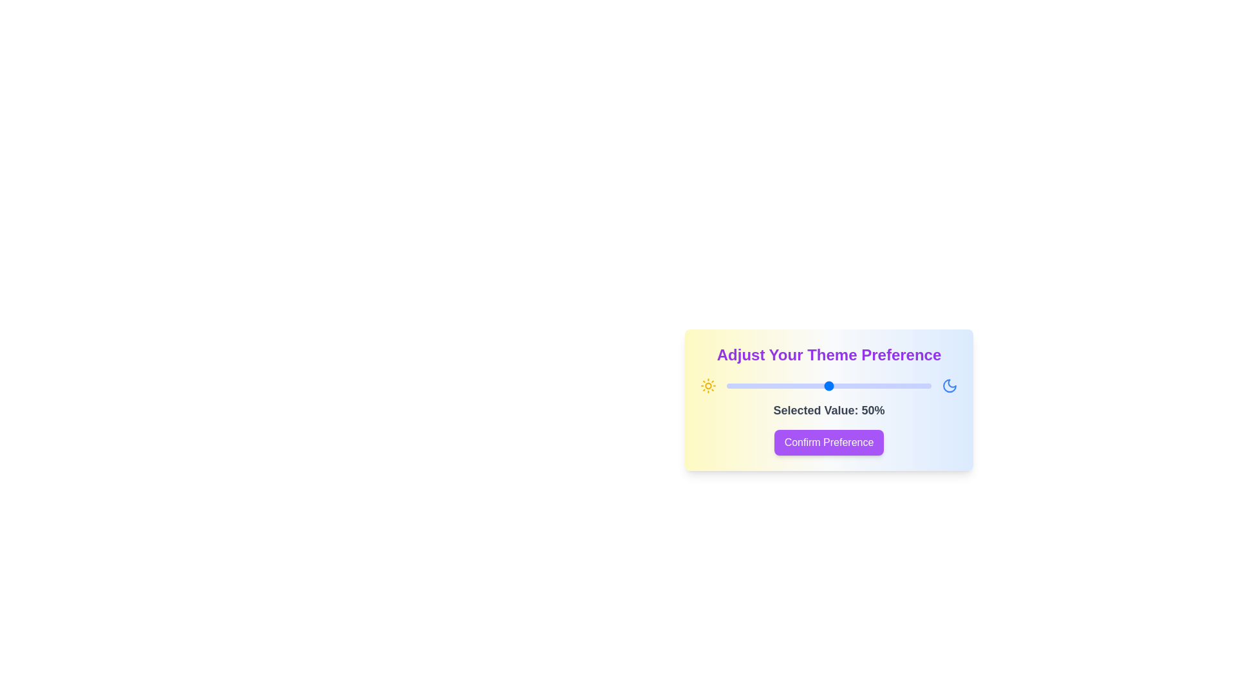  I want to click on the circular decorative component of the sun icon located on the left side of the preference panel, near the text 'Adjust Your Theme Preference', so click(707, 385).